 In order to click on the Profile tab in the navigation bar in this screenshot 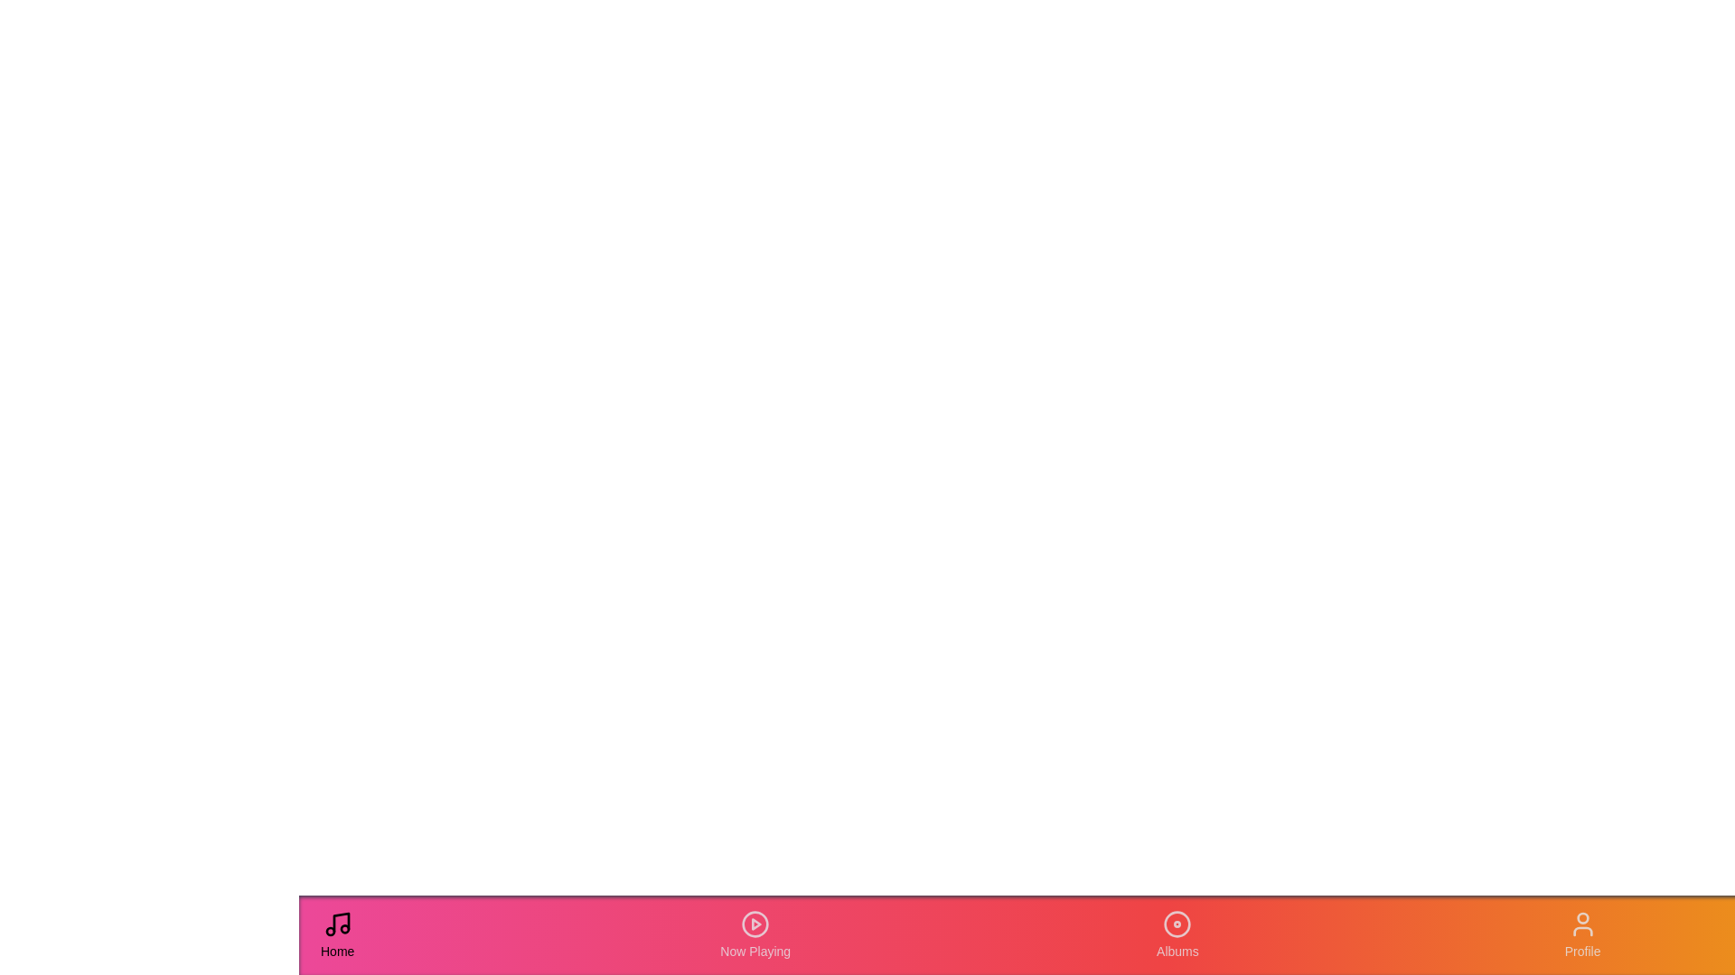, I will do `click(1581, 934)`.